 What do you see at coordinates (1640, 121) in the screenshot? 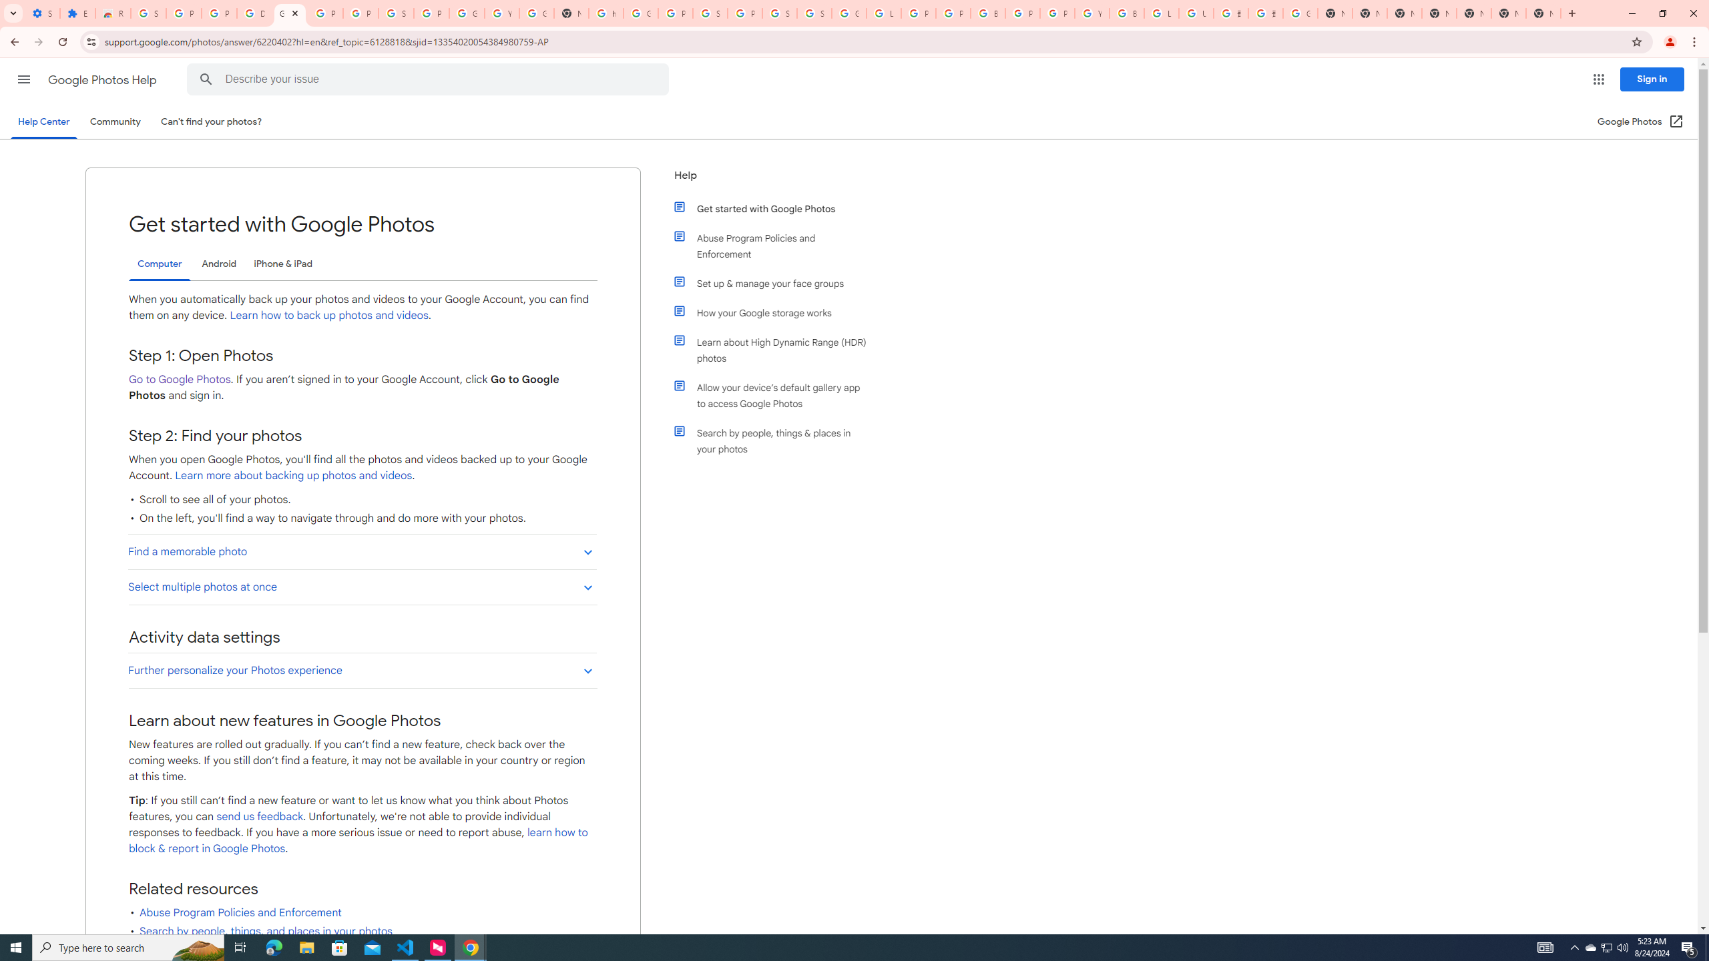
I see `'Google Photos (Open in a new window)'` at bounding box center [1640, 121].